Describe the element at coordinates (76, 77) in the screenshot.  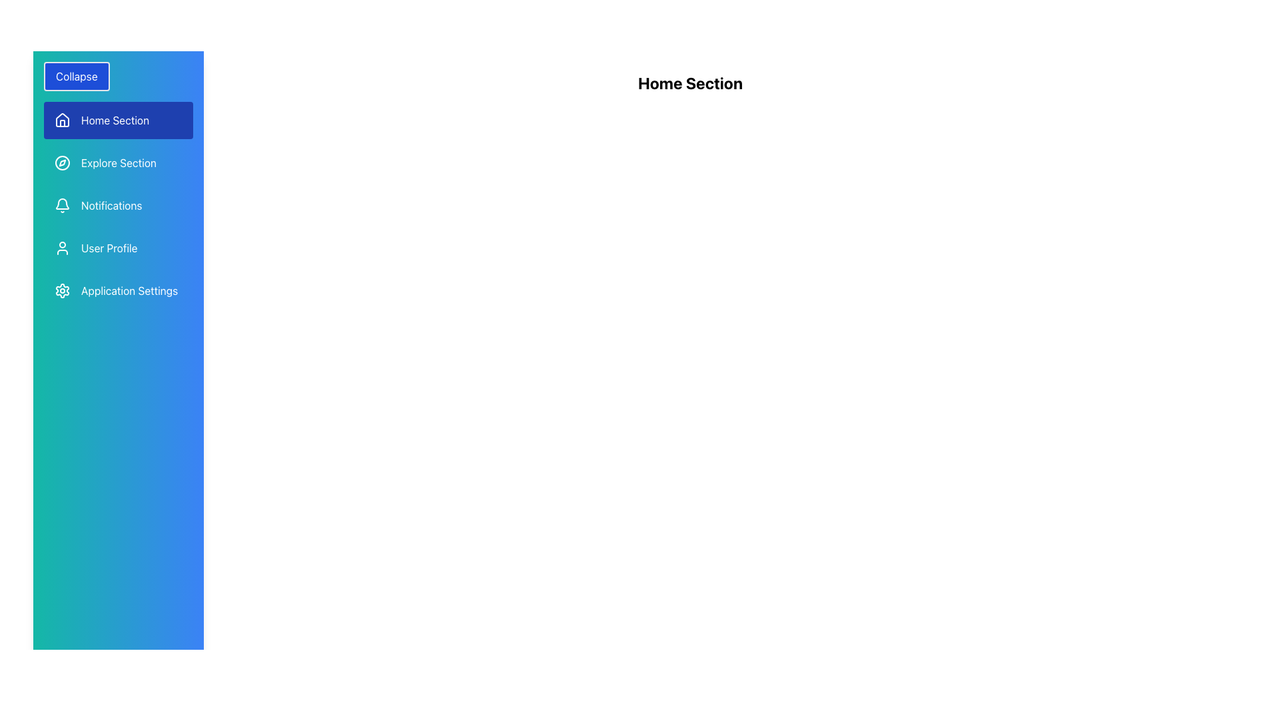
I see `the 'Collapse' button, which is a rectangular button with rounded corners and a blue background, located at the top of the sidebar menu` at that location.